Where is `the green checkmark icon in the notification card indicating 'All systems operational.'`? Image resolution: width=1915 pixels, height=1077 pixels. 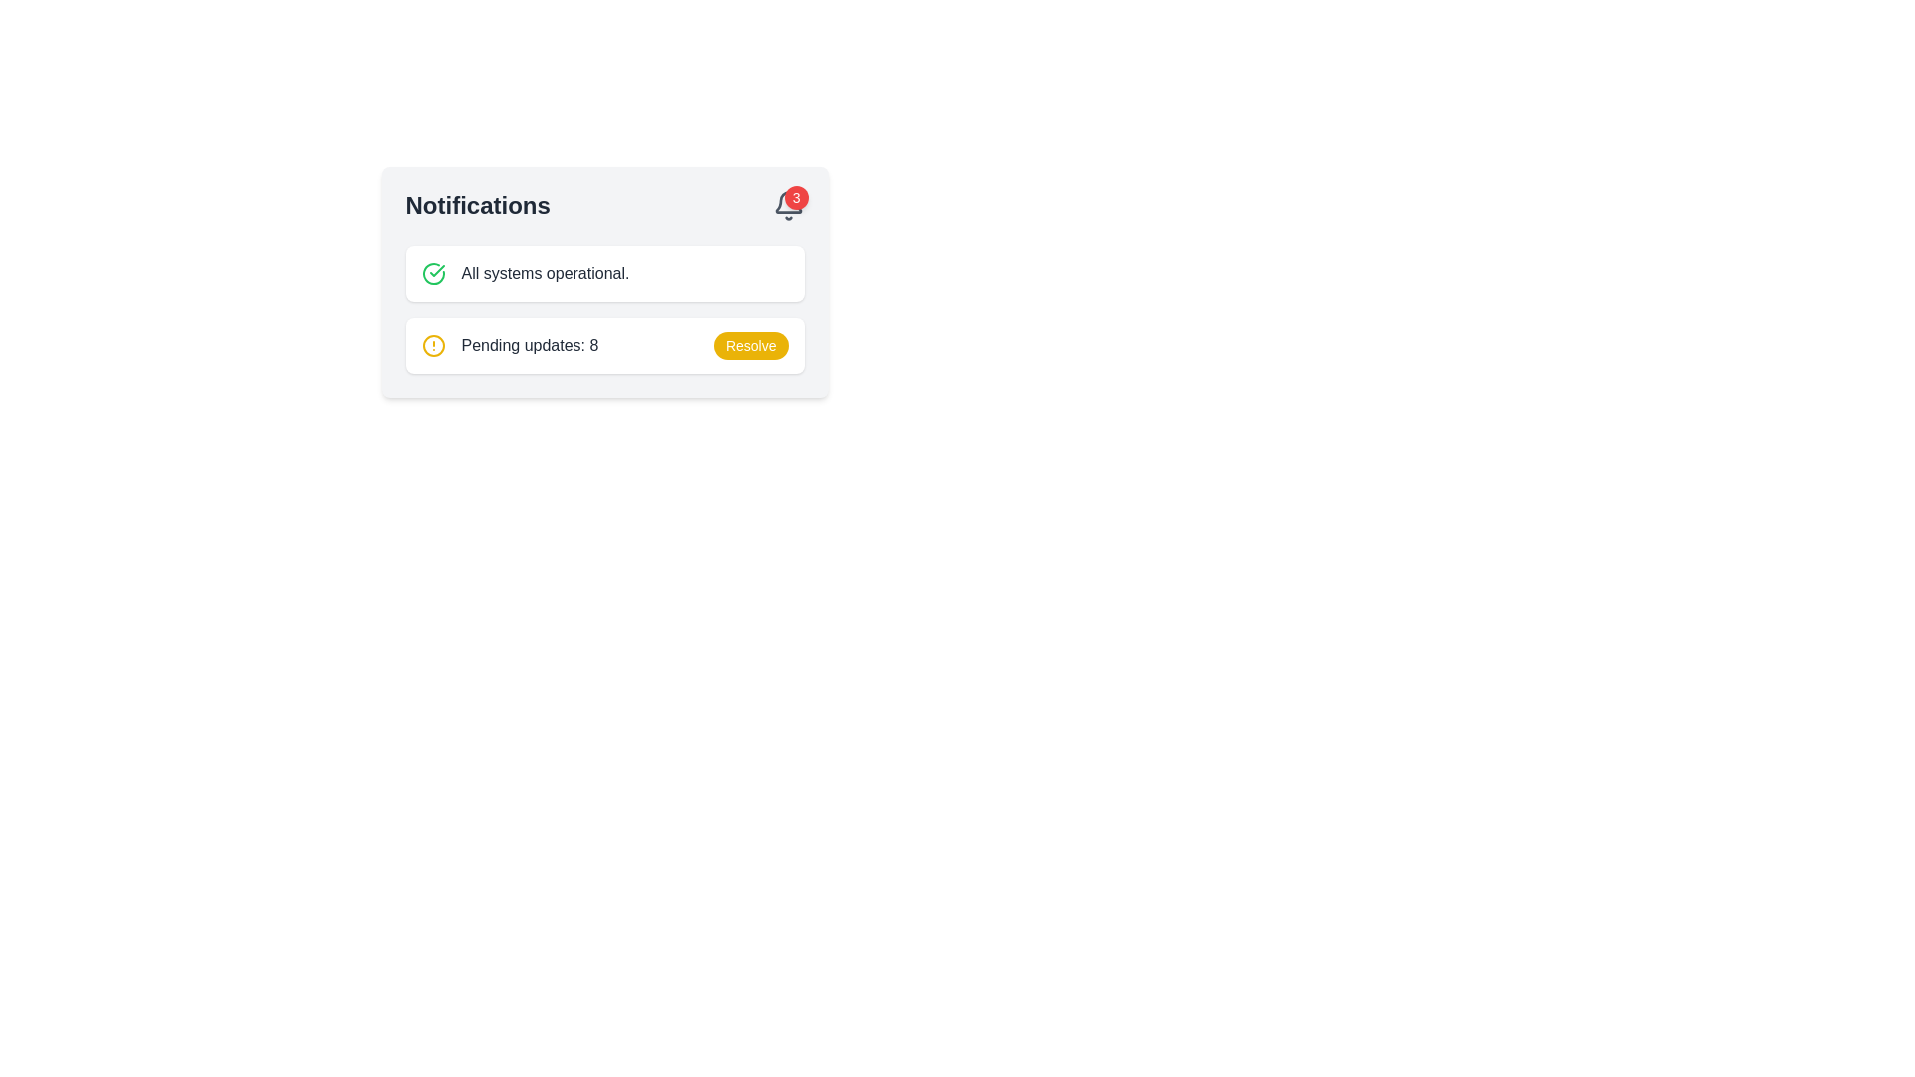
the green checkmark icon in the notification card indicating 'All systems operational.' is located at coordinates (432, 273).